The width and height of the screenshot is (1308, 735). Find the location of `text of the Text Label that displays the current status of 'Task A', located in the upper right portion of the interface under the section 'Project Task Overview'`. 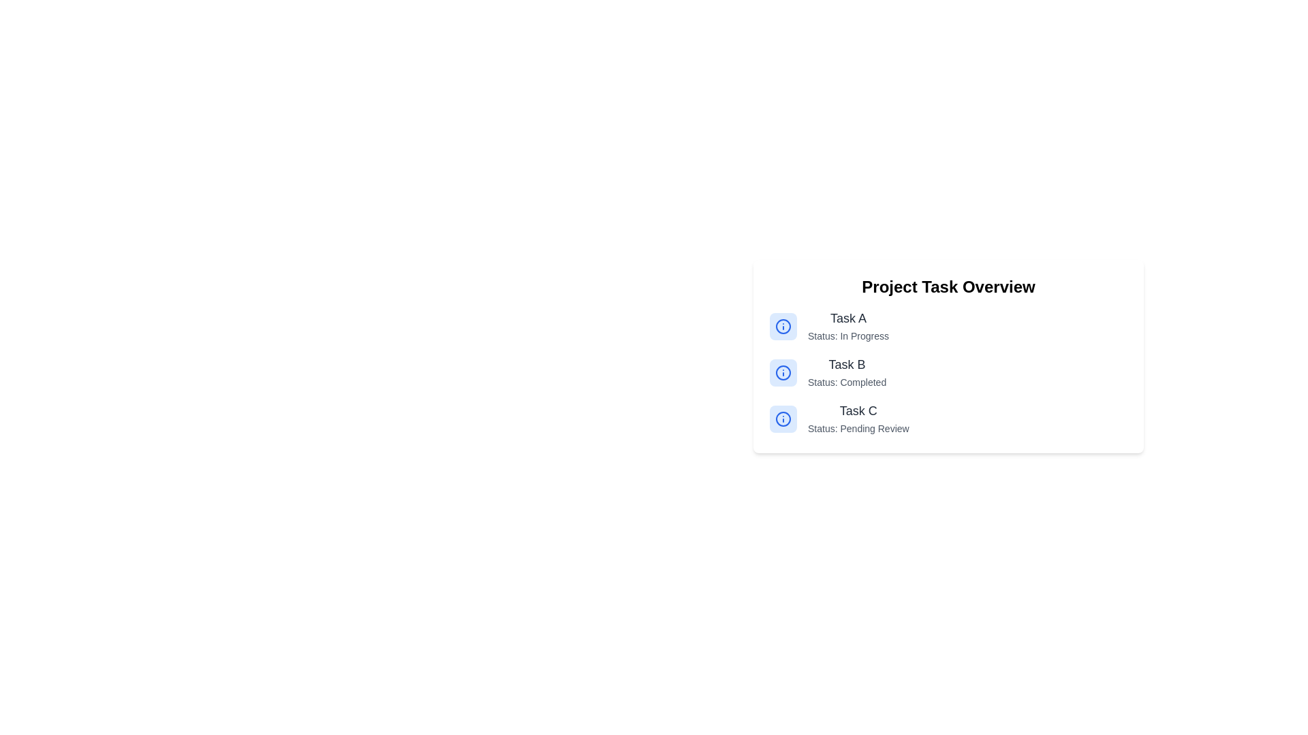

text of the Text Label that displays the current status of 'Task A', located in the upper right portion of the interface under the section 'Project Task Overview' is located at coordinates (847, 336).